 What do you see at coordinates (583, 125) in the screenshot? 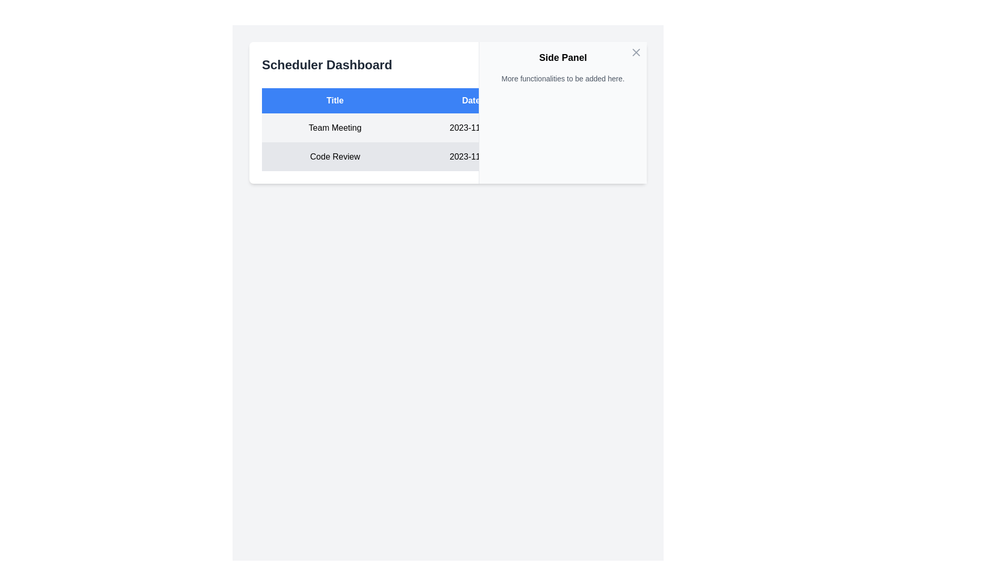
I see `calendar icon graphic component located at the center of the calendar representation in the top-right corner of the side panel labeled 'Side Panel'` at bounding box center [583, 125].